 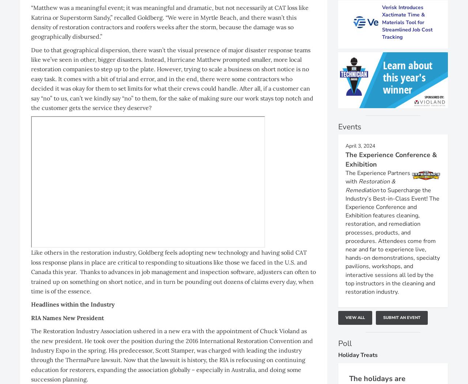 I want to click on 'to Supercharge the Industry’s Best-in-Class Event! The Experience Conference and Exhibition features cleaning, restoration, and remediation processes, products, and procedures. Attendees come from near and far to experience live, hands-on demonstrations, specialty pavilions, workshops, and interactive sessions all led by the top instructors in the cleaning and restoration industry.', so click(x=392, y=240).